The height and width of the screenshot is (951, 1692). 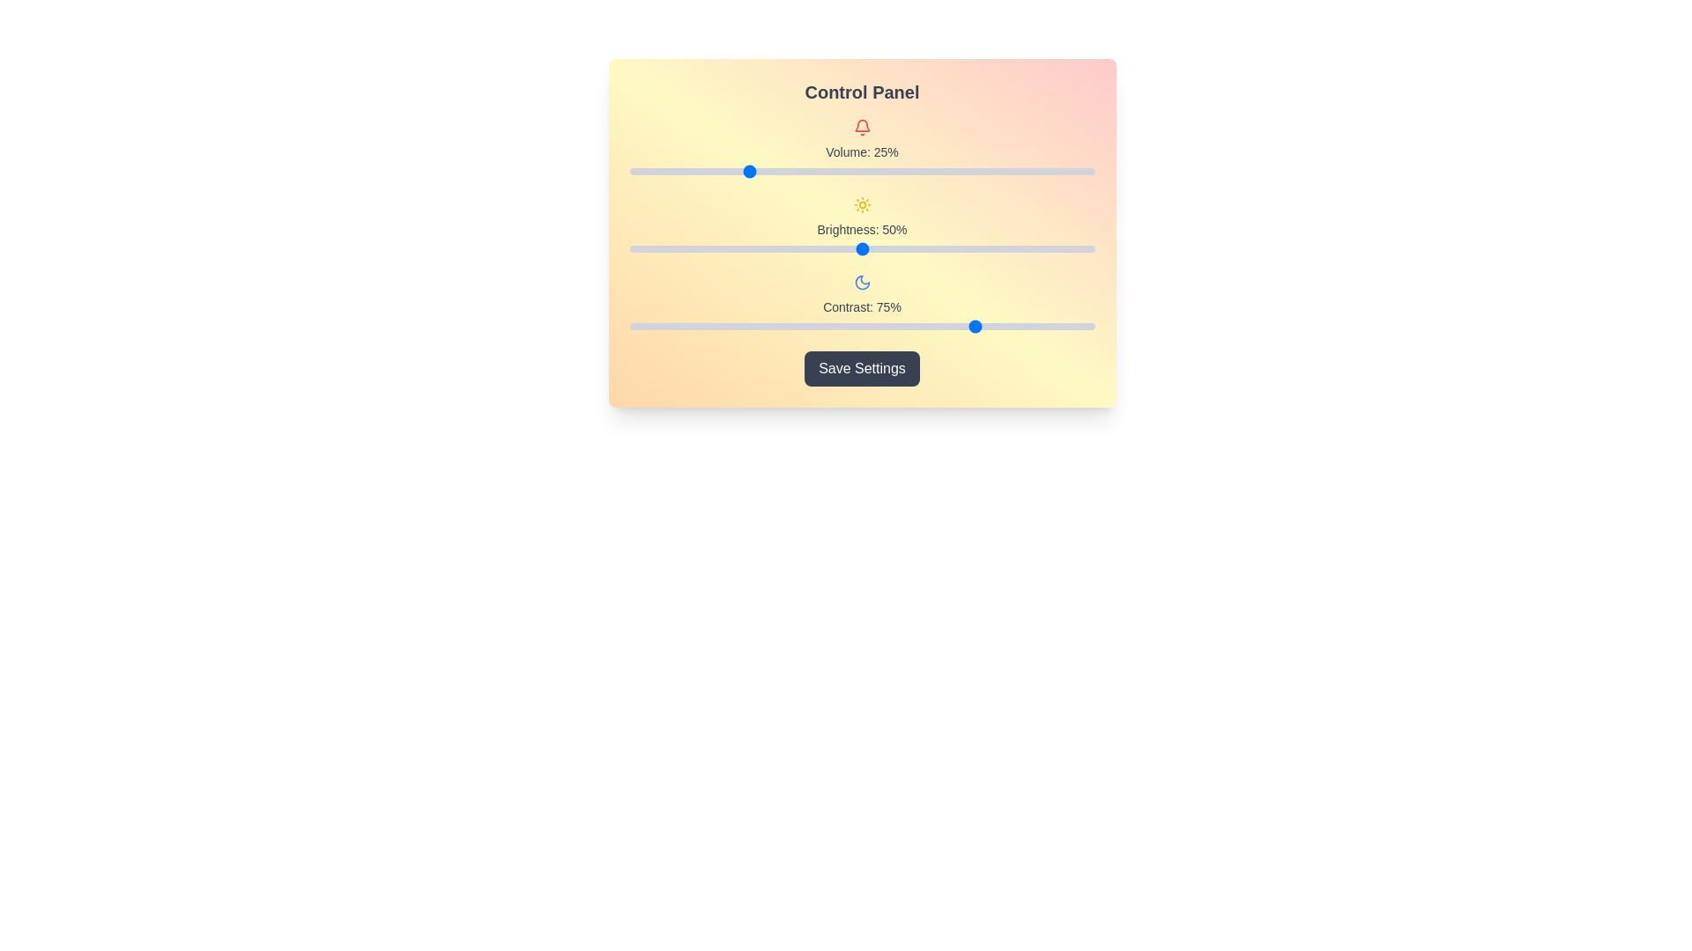 What do you see at coordinates (973, 326) in the screenshot?
I see `contrast level` at bounding box center [973, 326].